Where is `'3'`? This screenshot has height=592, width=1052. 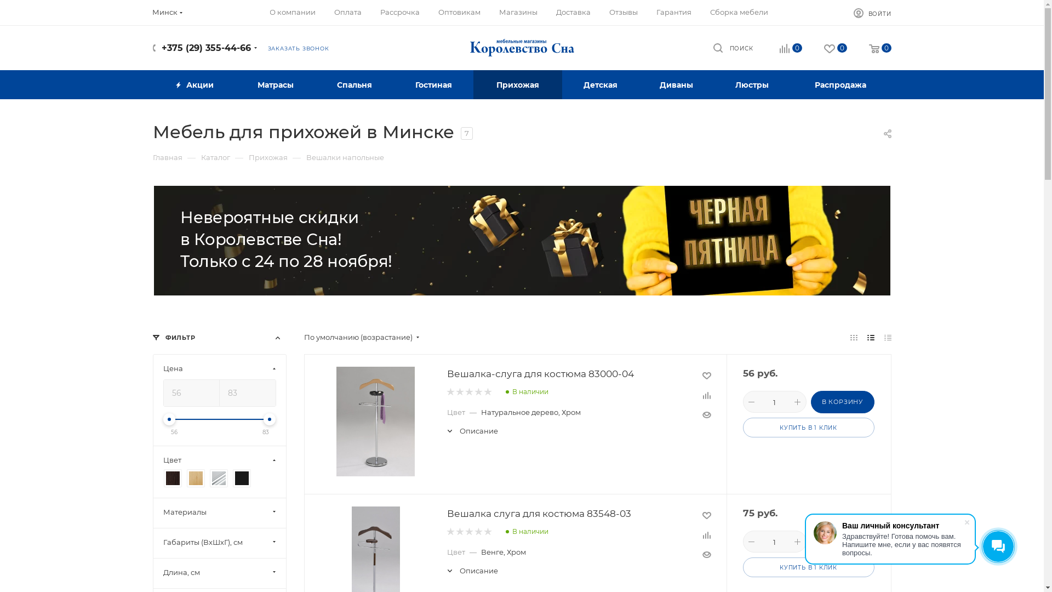
'3' is located at coordinates (469, 531).